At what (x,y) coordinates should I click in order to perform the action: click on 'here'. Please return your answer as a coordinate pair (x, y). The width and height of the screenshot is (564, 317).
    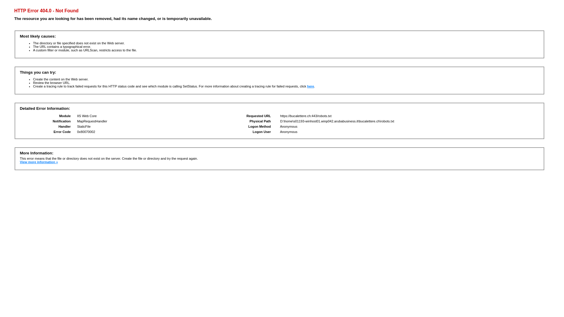
    Looking at the image, I should click on (307, 86).